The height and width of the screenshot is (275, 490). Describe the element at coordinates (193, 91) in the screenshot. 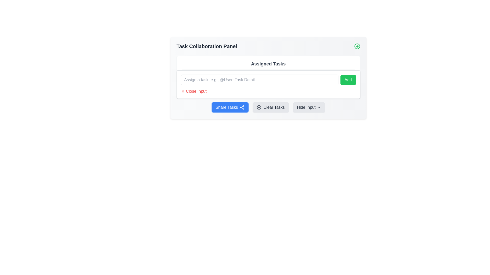

I see `the close button located in the 'Task Collaboration Panel' to clear the input field for assigning tasks` at that location.